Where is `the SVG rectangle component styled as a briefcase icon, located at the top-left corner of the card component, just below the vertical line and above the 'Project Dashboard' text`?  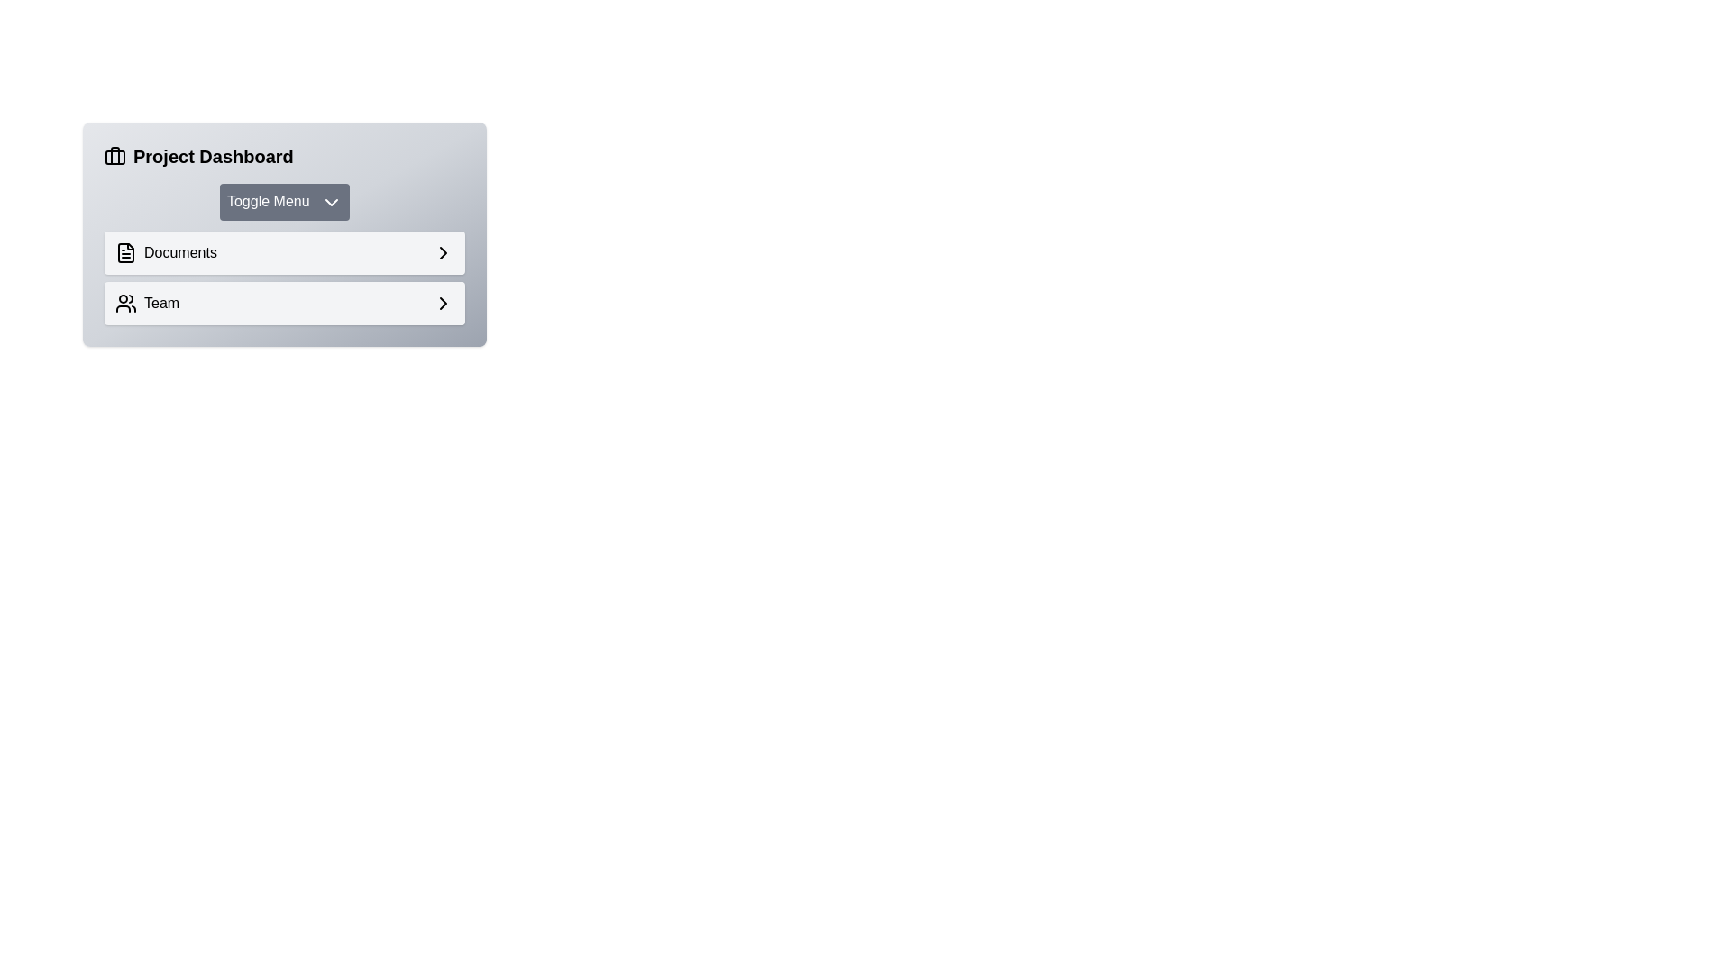 the SVG rectangle component styled as a briefcase icon, located at the top-left corner of the card component, just below the vertical line and above the 'Project Dashboard' text is located at coordinates (114, 156).